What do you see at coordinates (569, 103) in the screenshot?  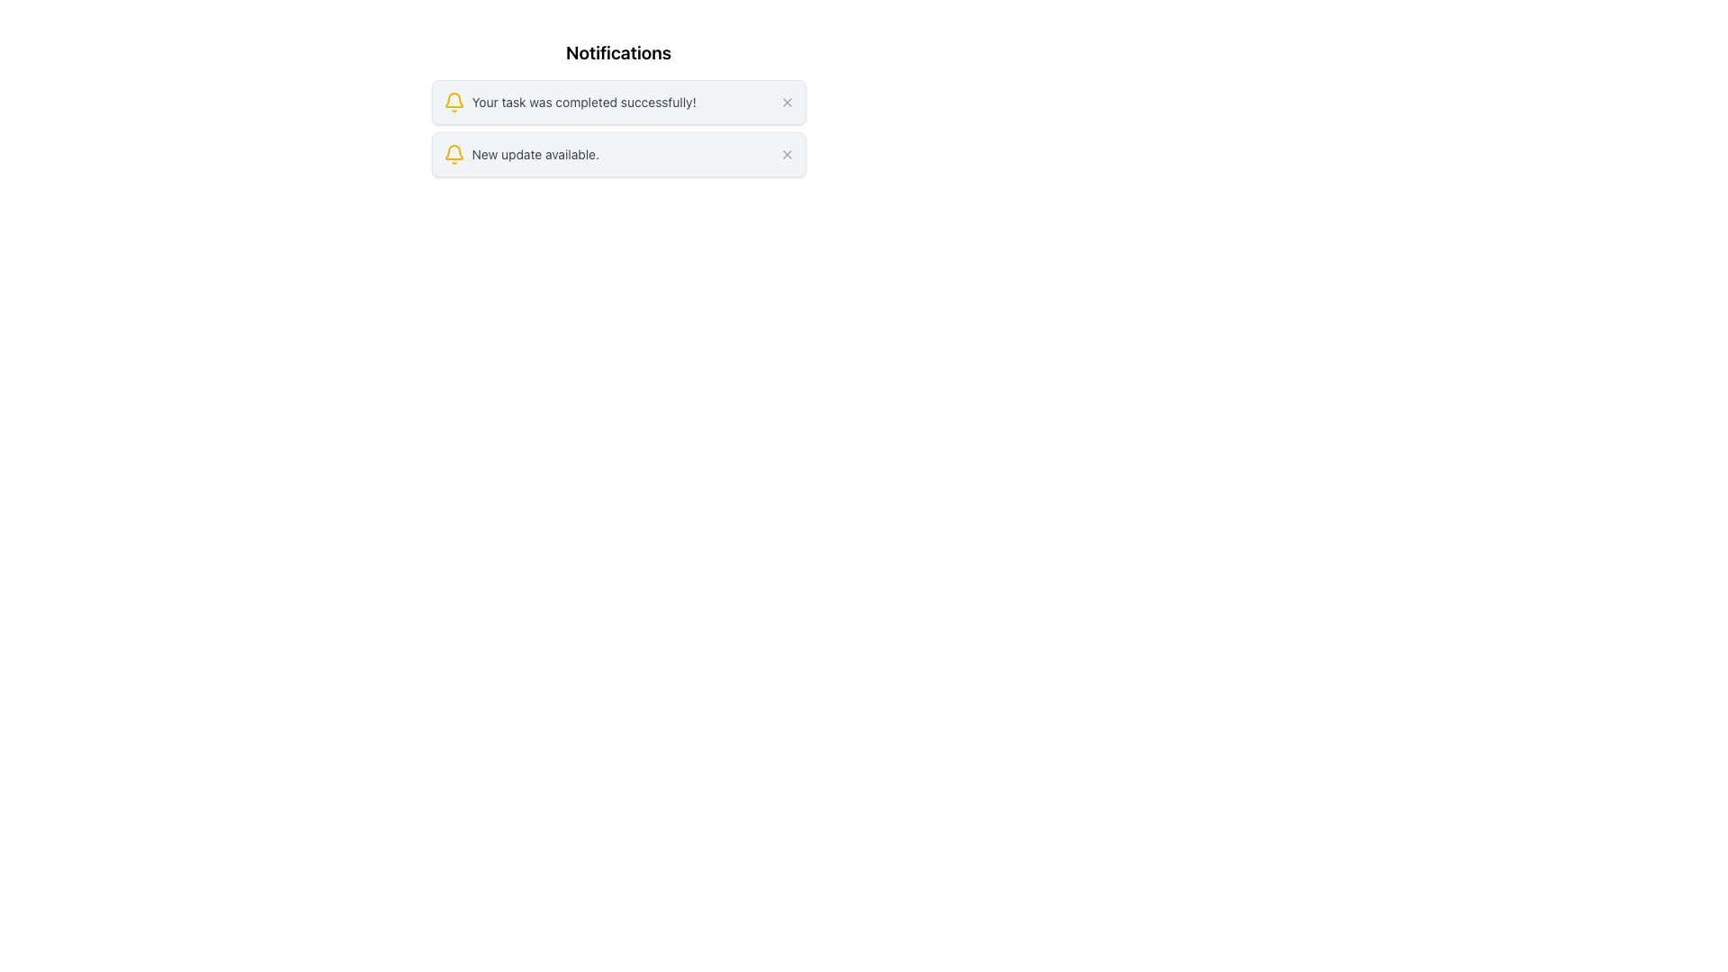 I see `the Notification Text Block that informs the user of task completion, located at the upper section of the application interface` at bounding box center [569, 103].